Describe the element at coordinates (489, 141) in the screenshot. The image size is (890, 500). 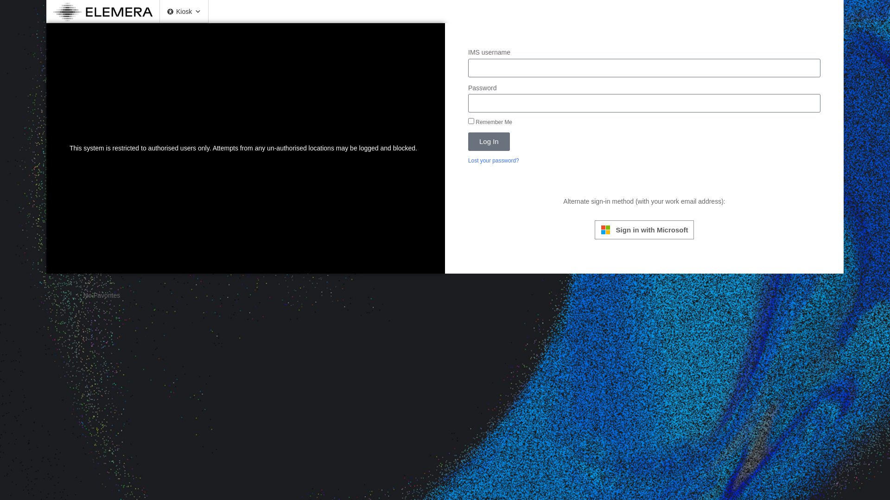
I see `'Log In'` at that location.